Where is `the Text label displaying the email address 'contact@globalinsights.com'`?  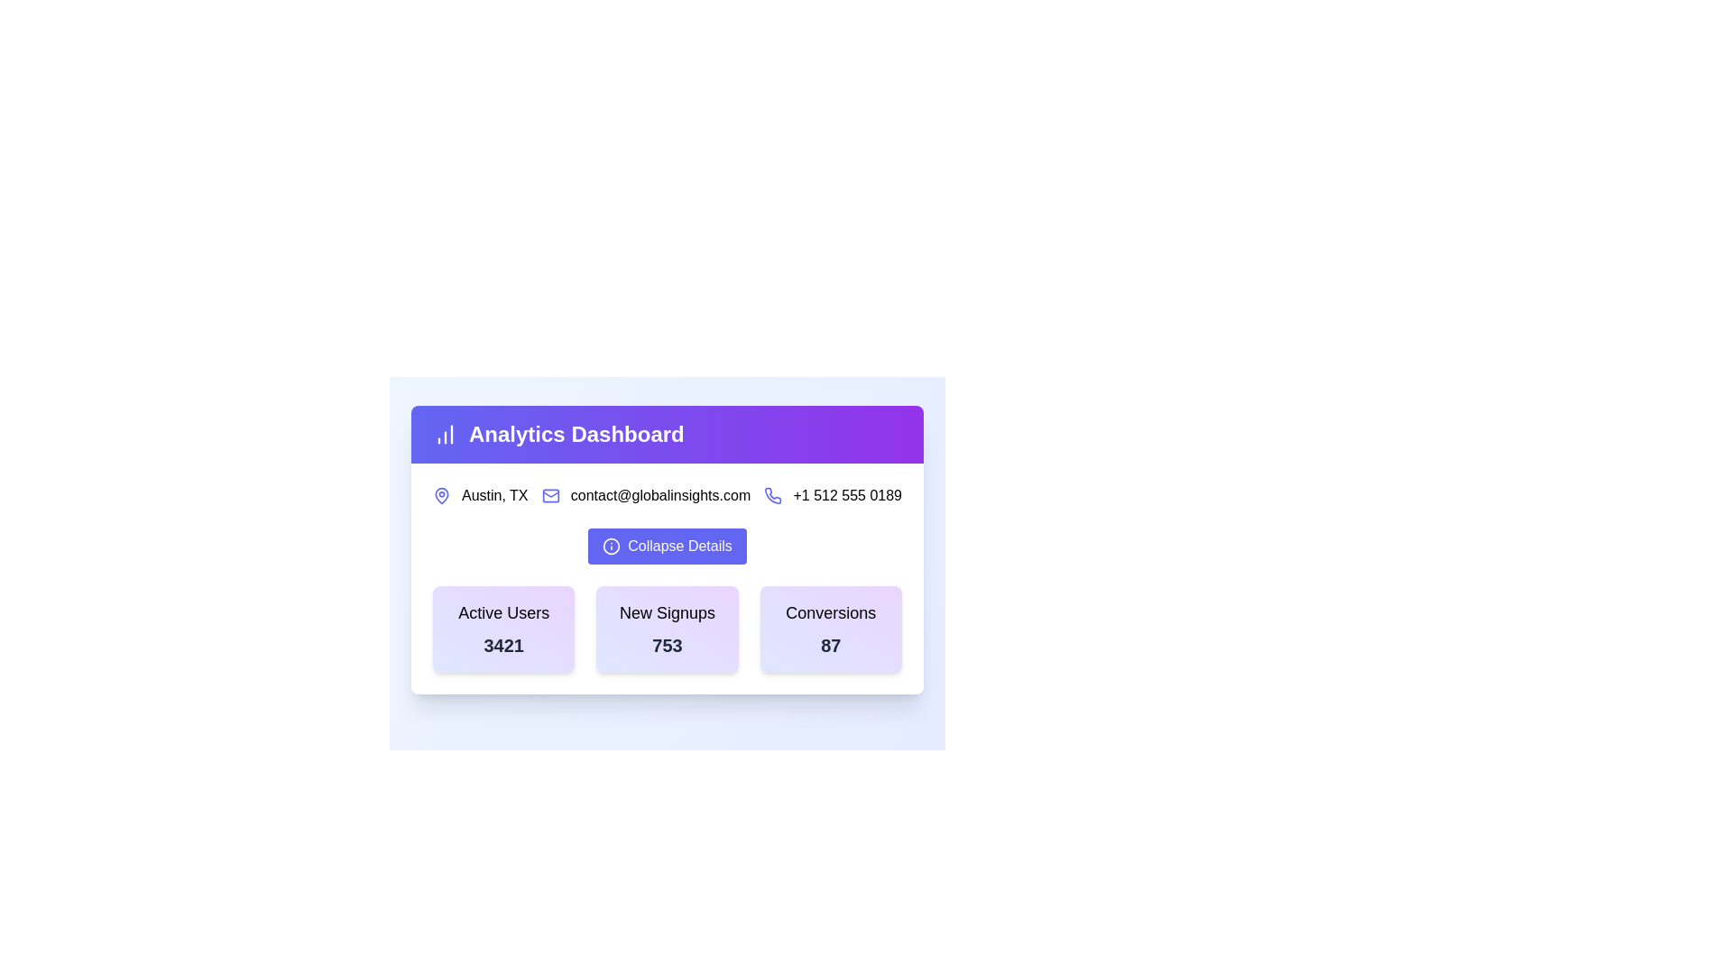 the Text label displaying the email address 'contact@globalinsights.com' is located at coordinates (659, 496).